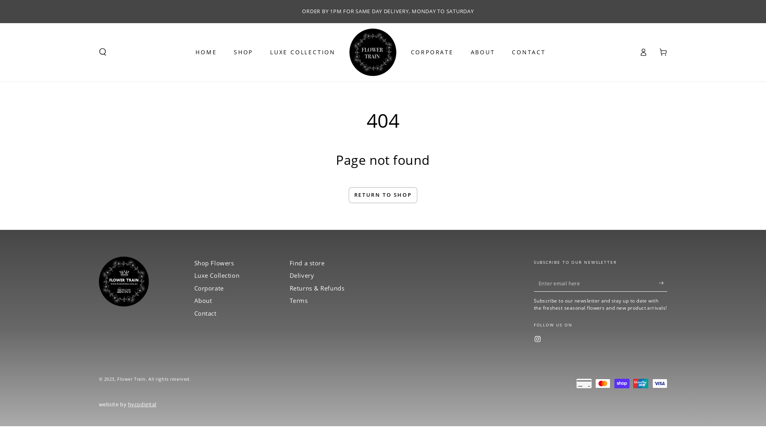  I want to click on 'About', so click(194, 300).